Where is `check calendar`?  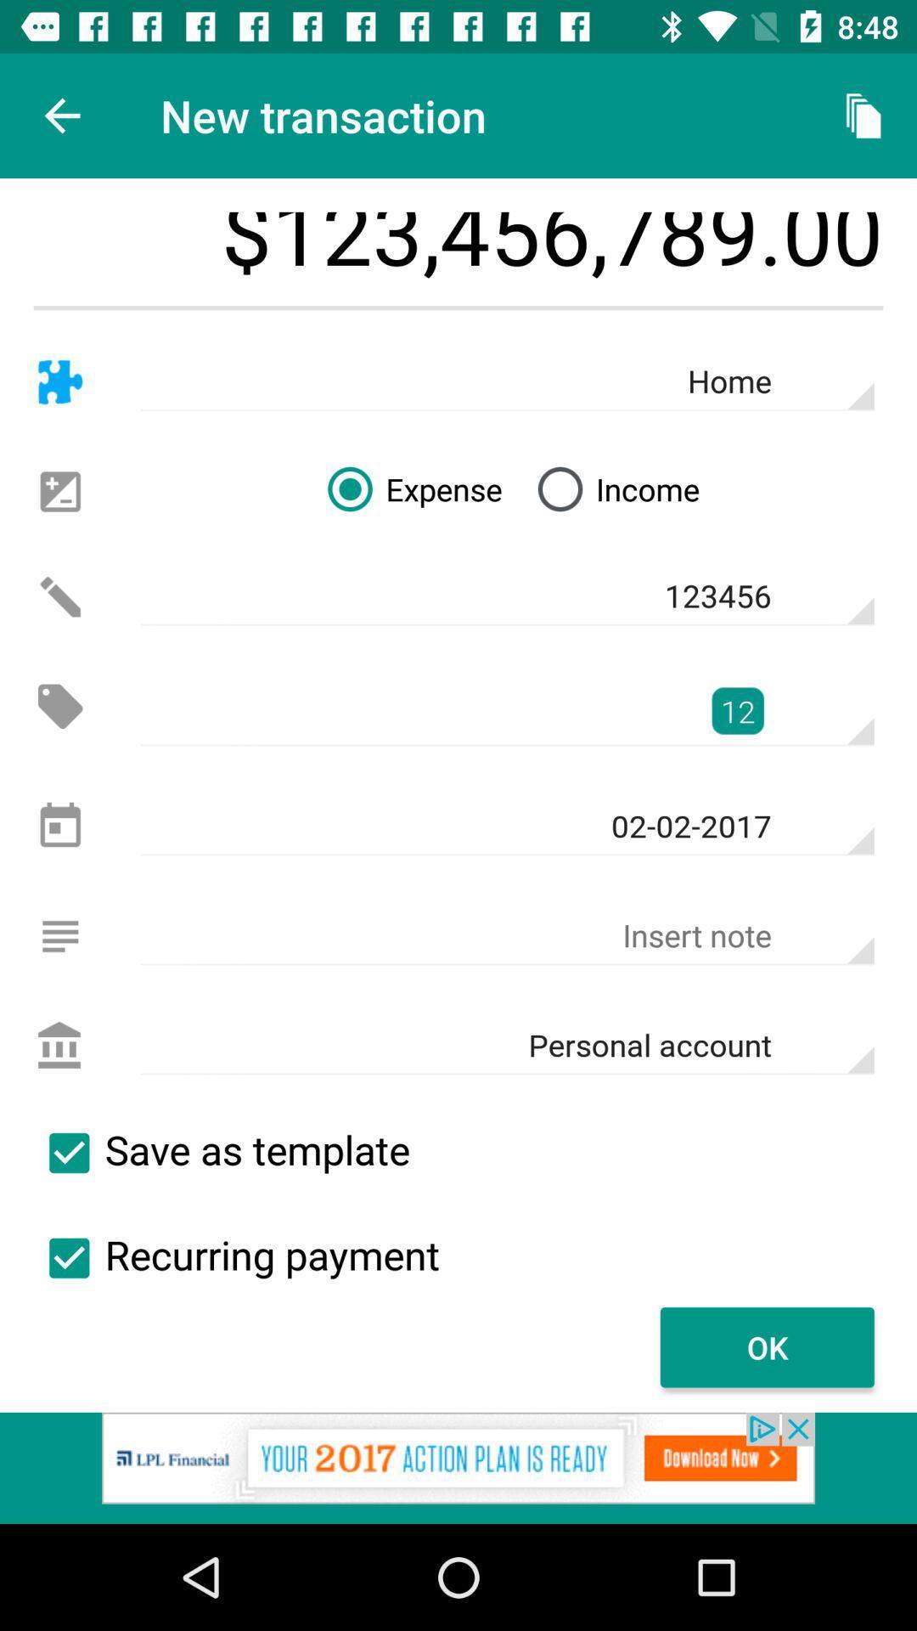
check calendar is located at coordinates (59, 827).